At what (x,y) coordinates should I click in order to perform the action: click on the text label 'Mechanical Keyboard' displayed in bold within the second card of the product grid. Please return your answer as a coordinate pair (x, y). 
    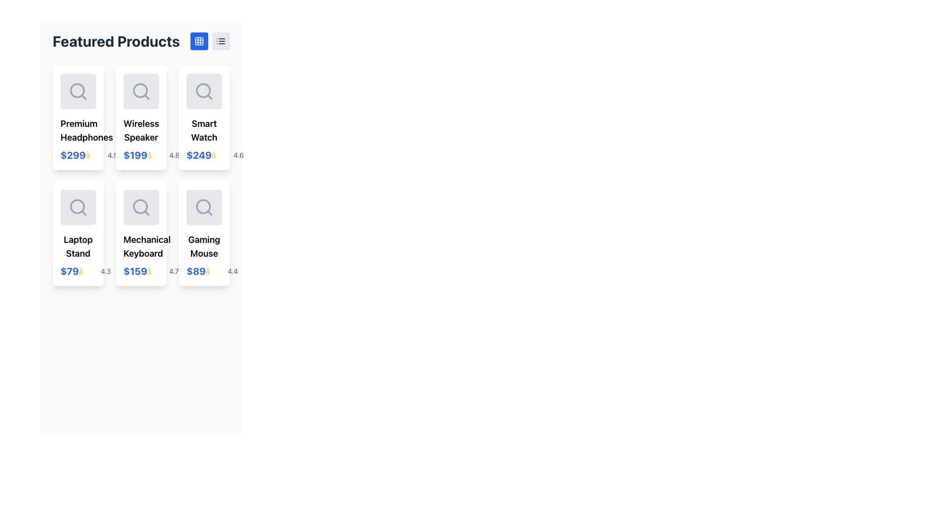
    Looking at the image, I should click on (141, 246).